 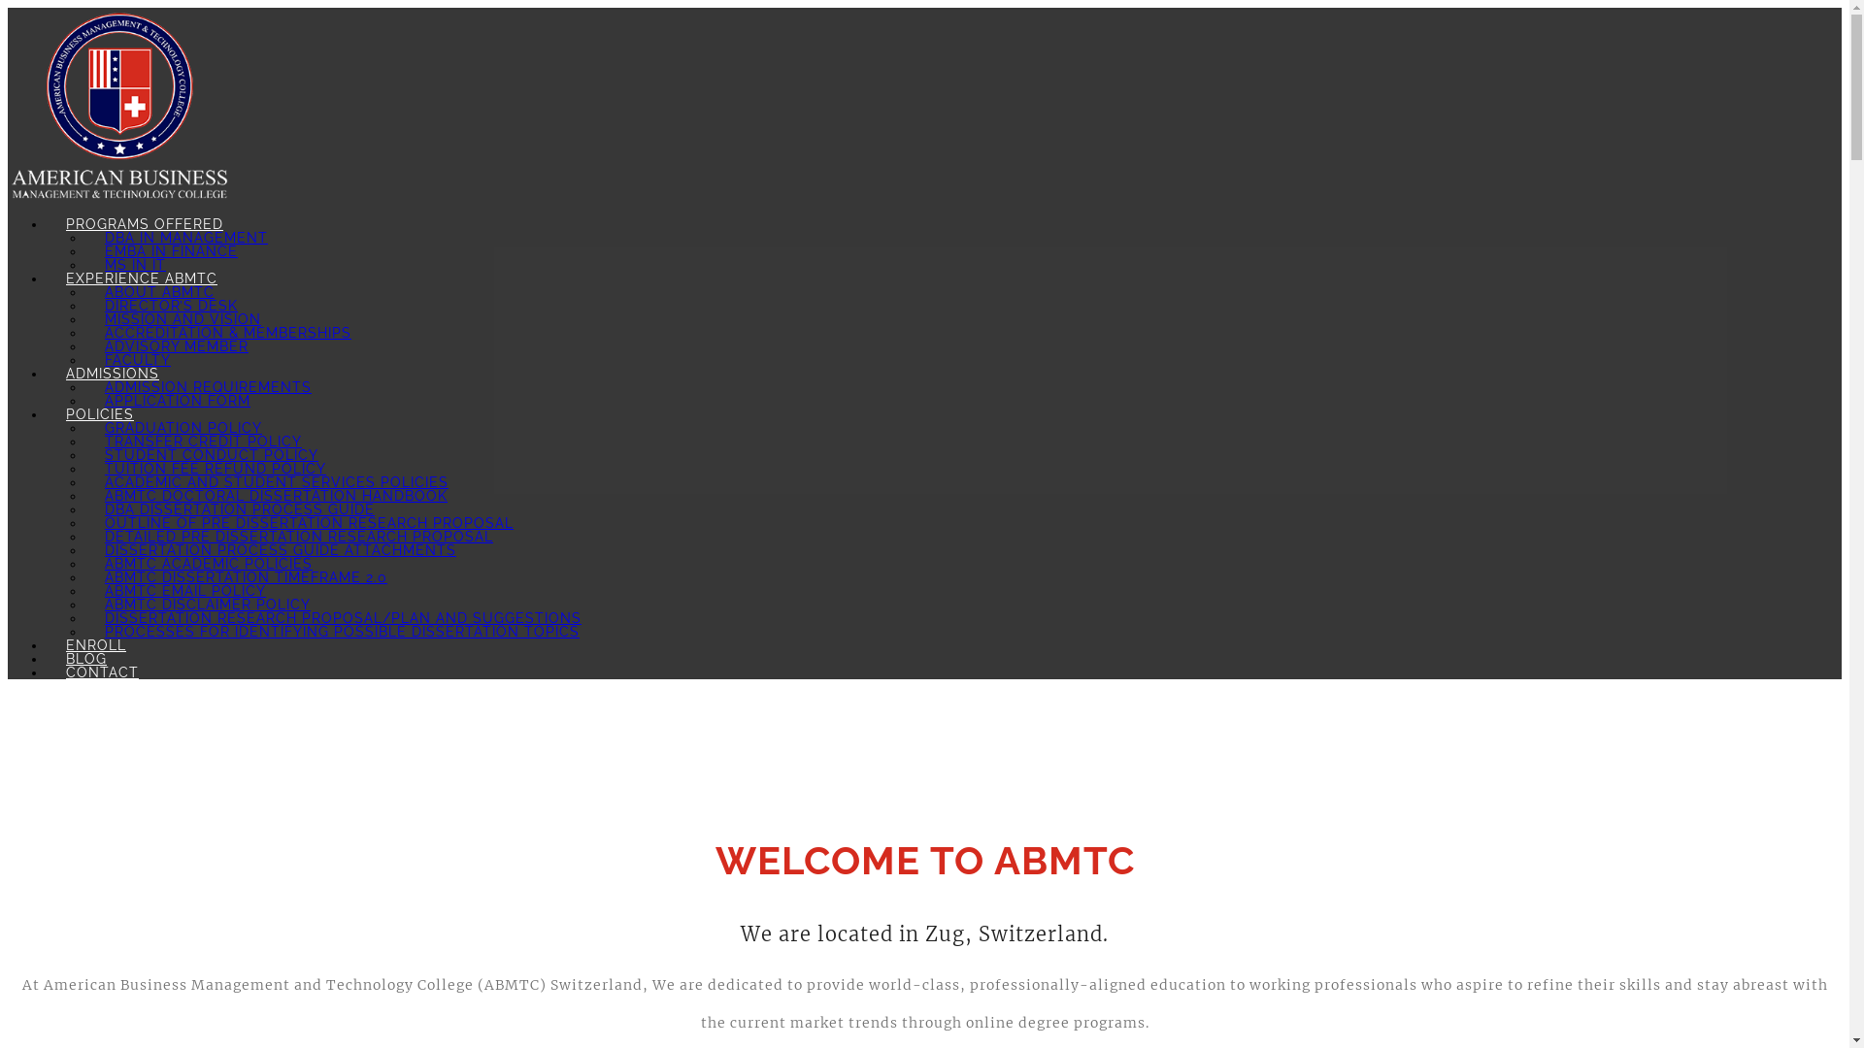 I want to click on 'FACULTY', so click(x=137, y=359).